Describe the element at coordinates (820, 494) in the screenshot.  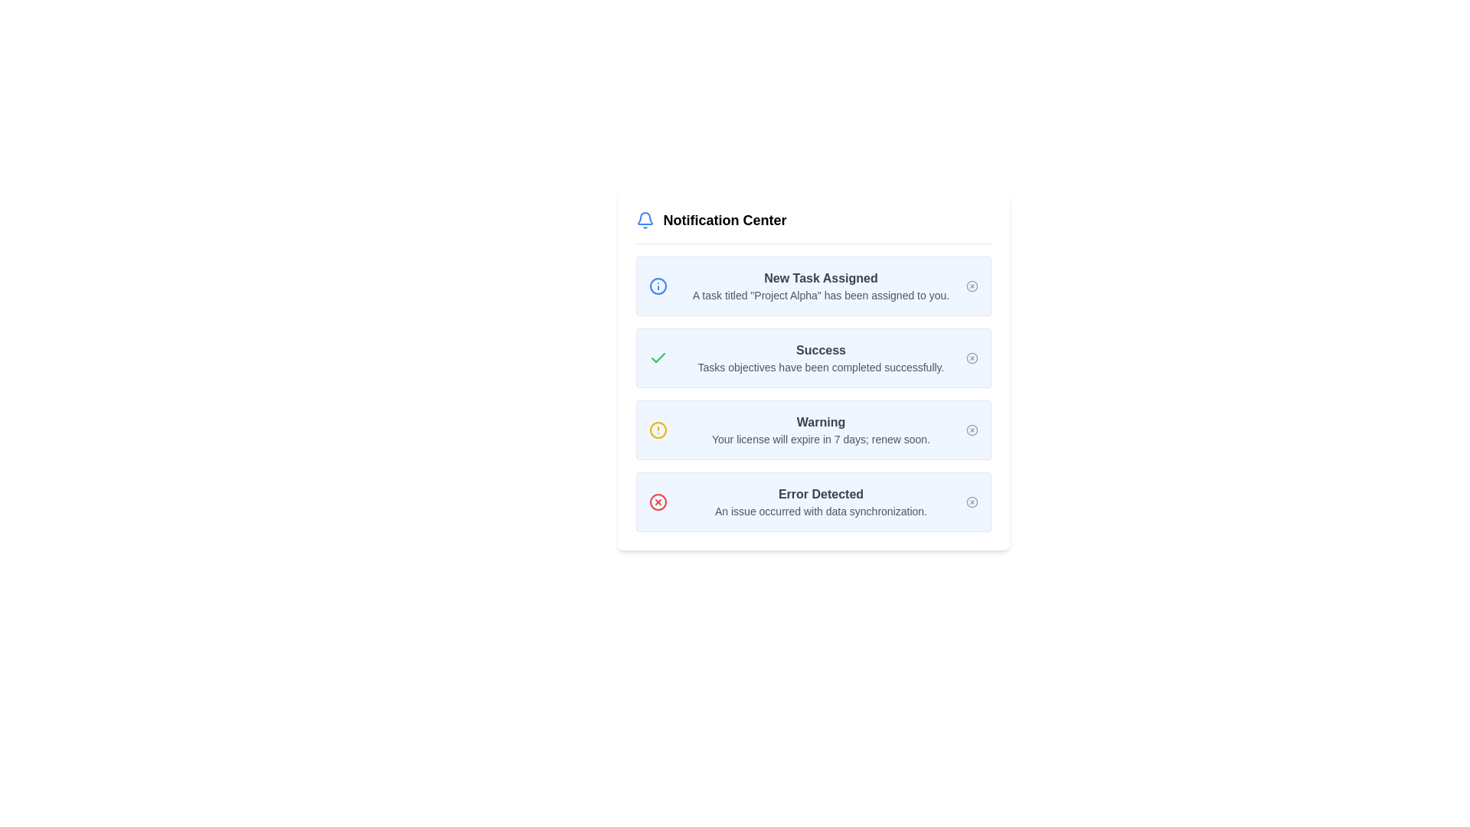
I see `the 'Error Detected' text element, which is bold and displayed in dark gray, located at the top of its notification card in the Notification Center` at that location.